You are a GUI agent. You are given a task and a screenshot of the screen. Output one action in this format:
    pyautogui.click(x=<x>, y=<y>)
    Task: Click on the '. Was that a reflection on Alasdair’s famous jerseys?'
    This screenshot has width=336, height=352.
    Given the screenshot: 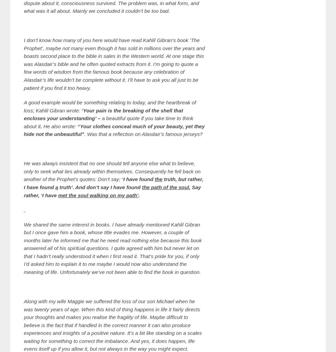 What is the action you would take?
    pyautogui.click(x=143, y=134)
    